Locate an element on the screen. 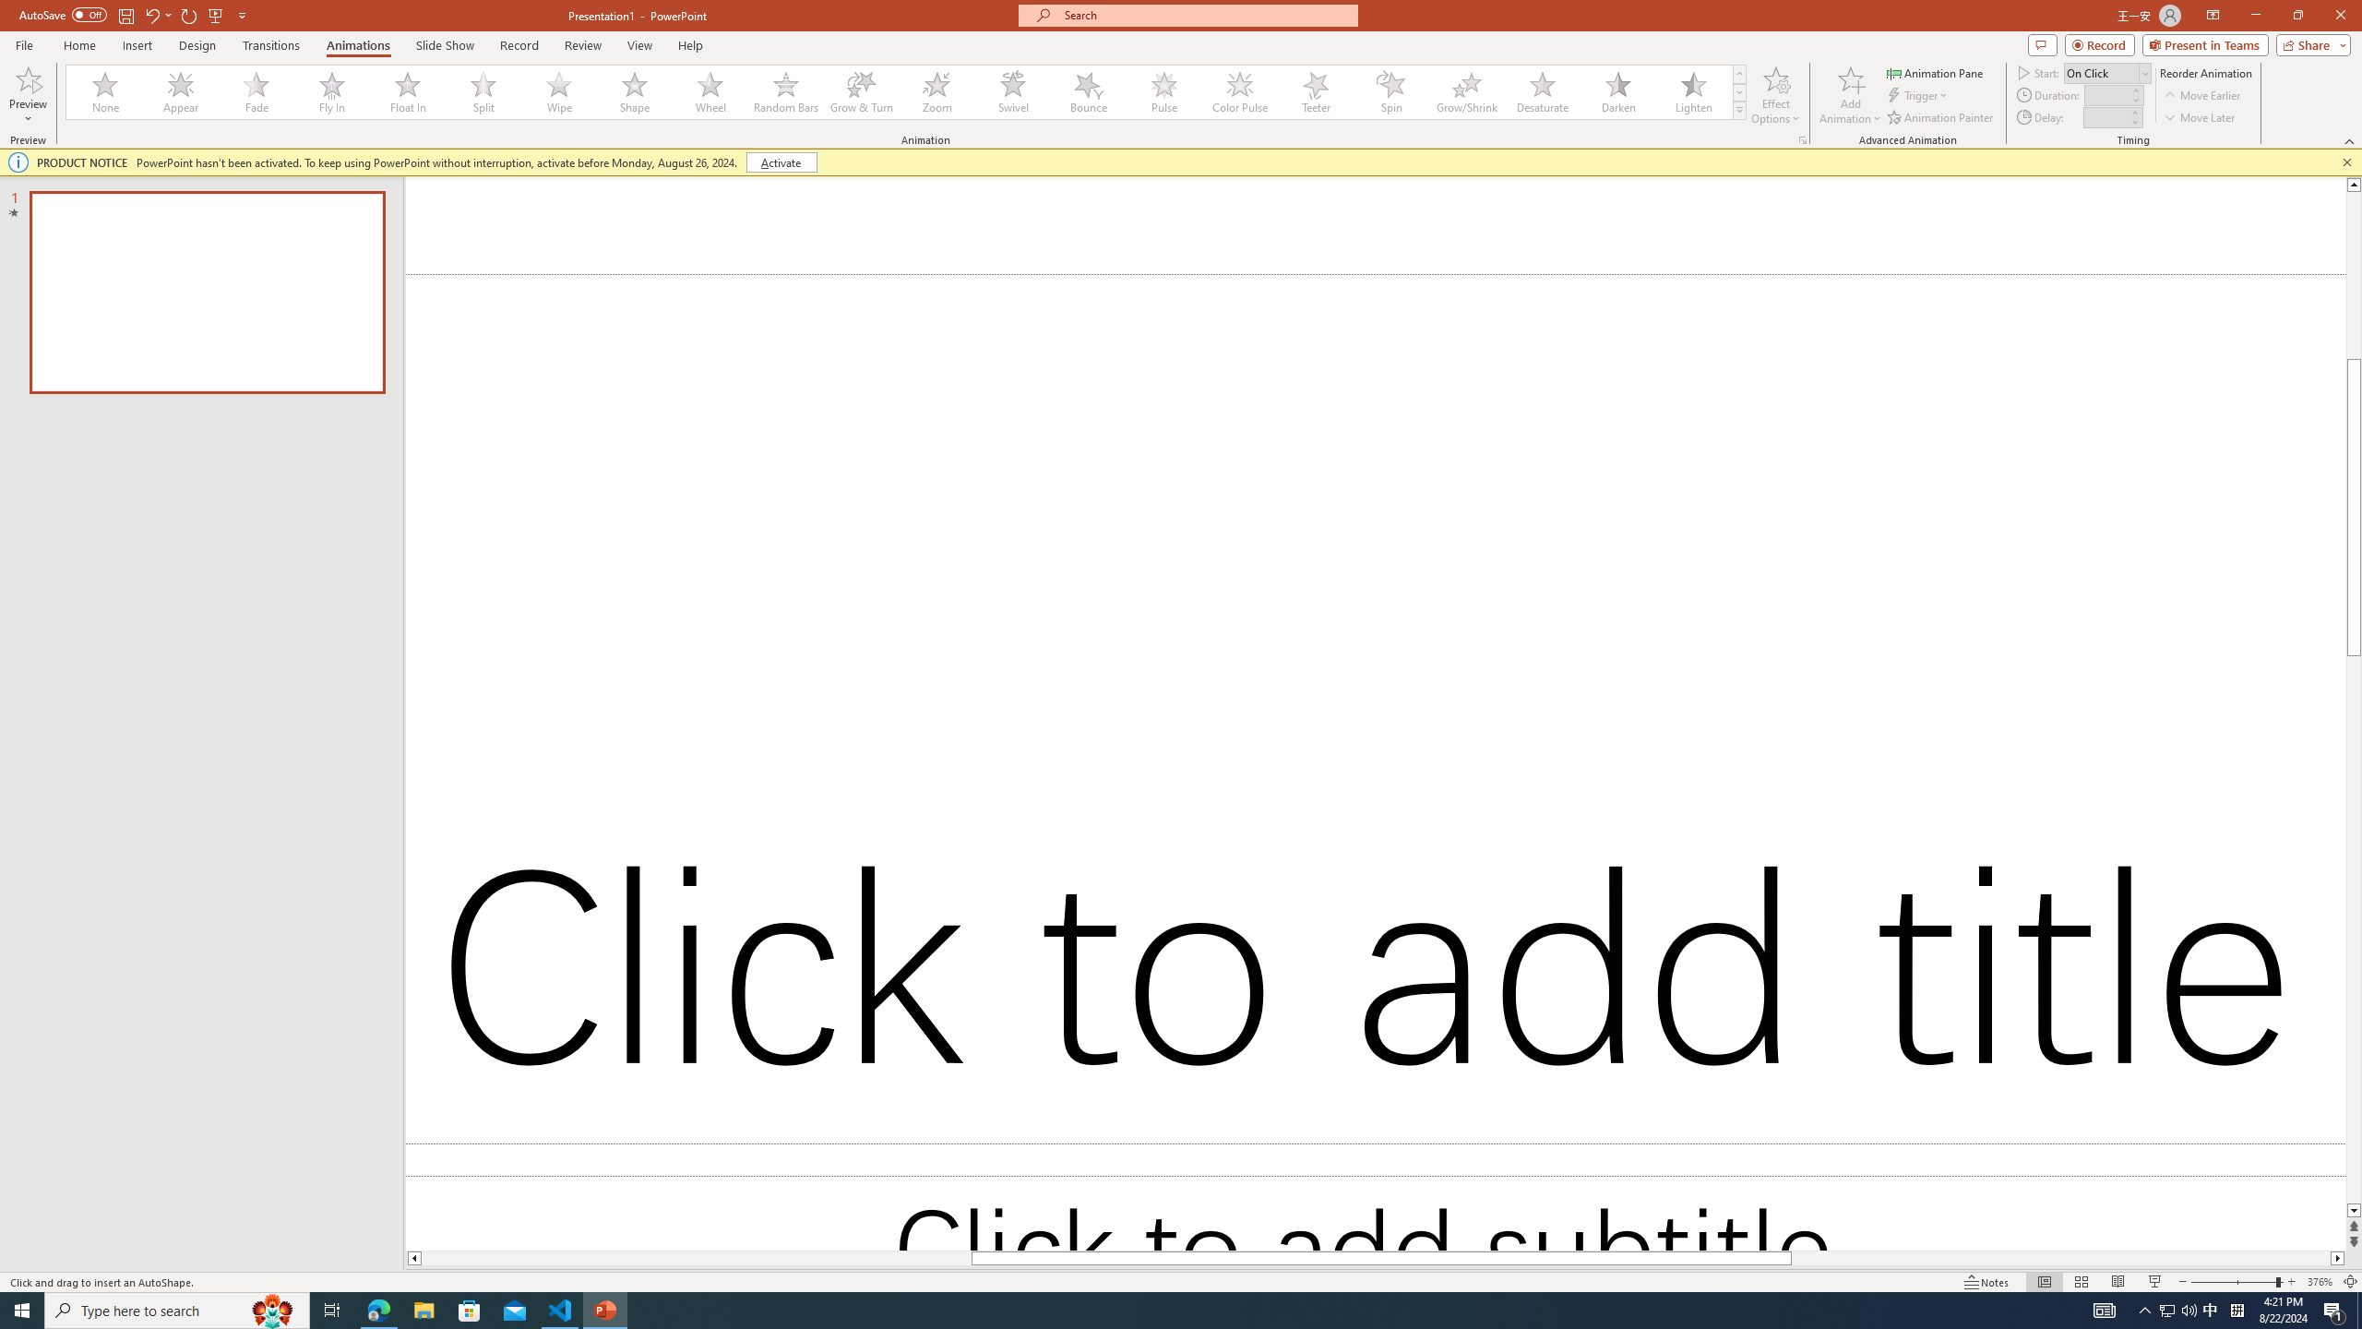 The image size is (2362, 1329). 'Move Earlier' is located at coordinates (2201, 95).